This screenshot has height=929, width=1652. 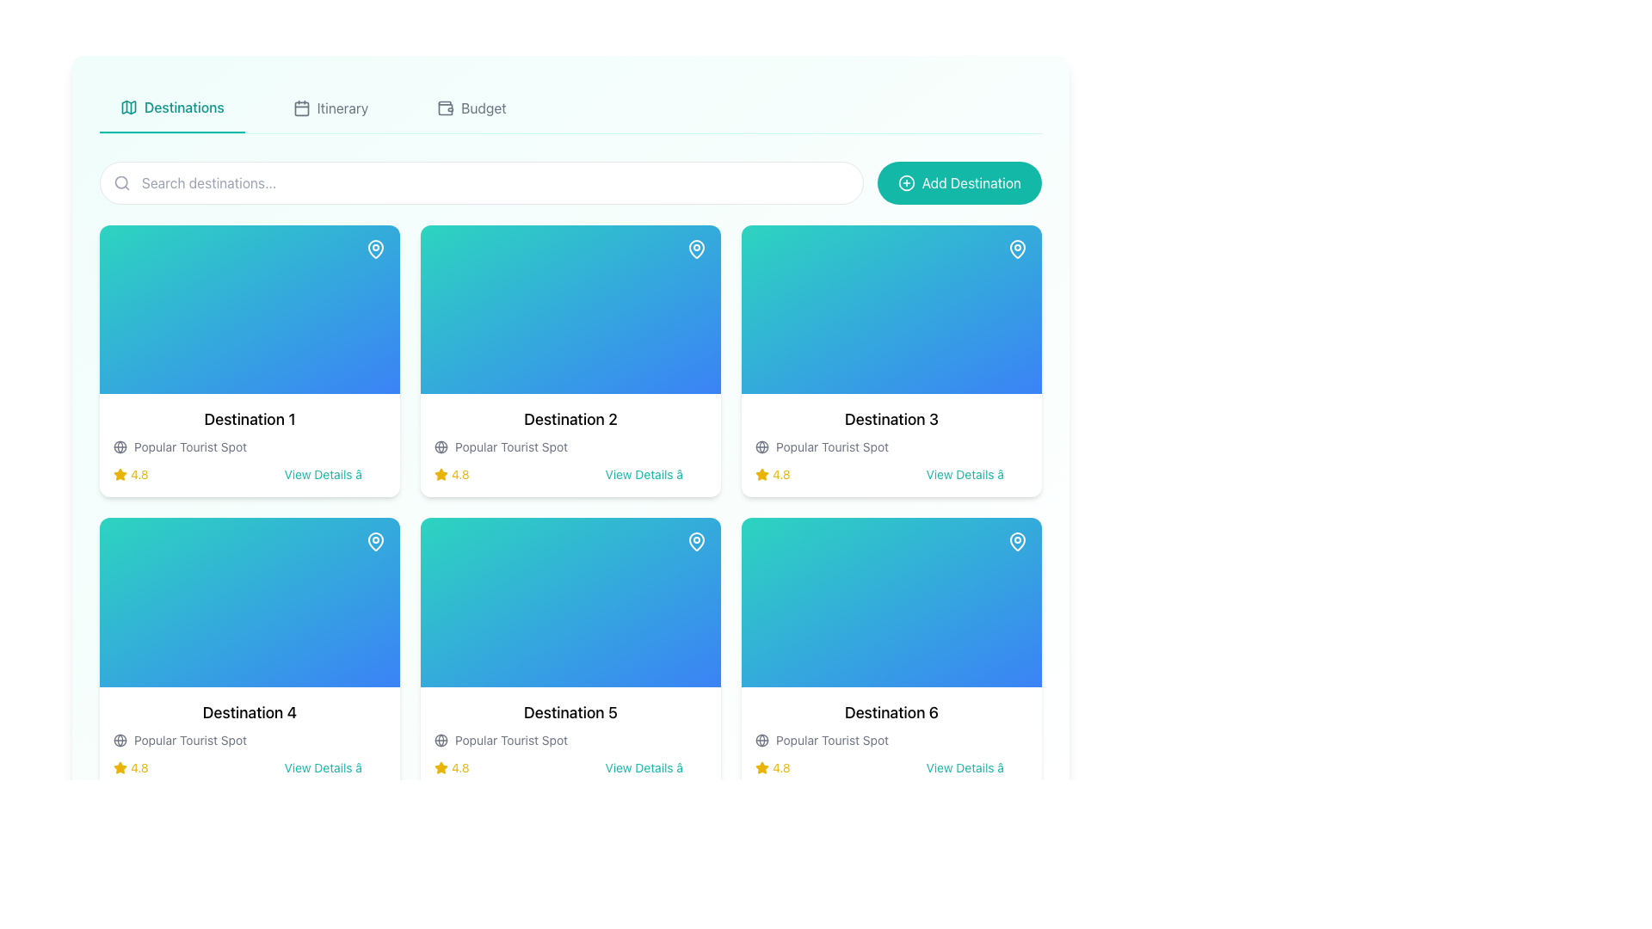 I want to click on the 'View Details â†’' link in the bottom right corner of the card for Destination 2, so click(x=655, y=475).